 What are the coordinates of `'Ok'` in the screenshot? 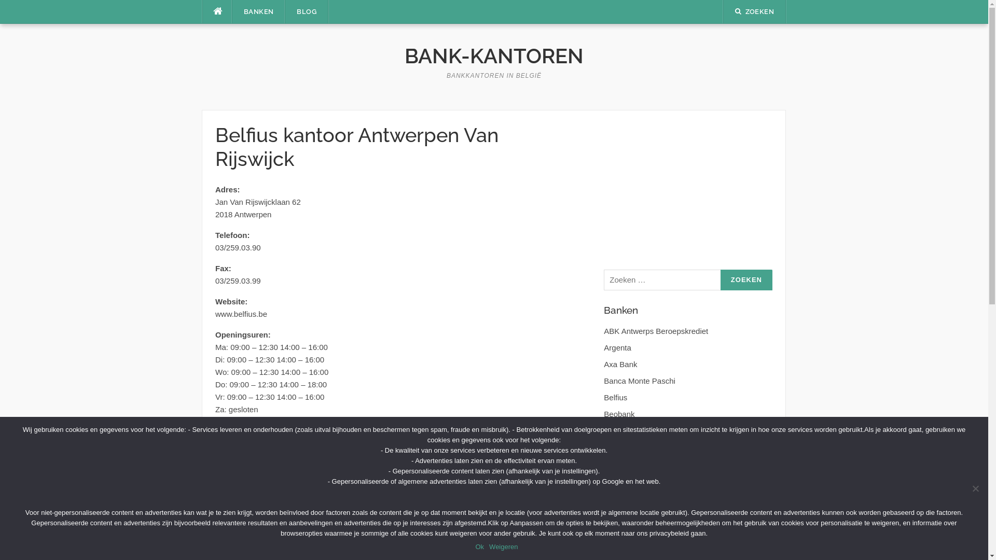 It's located at (479, 547).